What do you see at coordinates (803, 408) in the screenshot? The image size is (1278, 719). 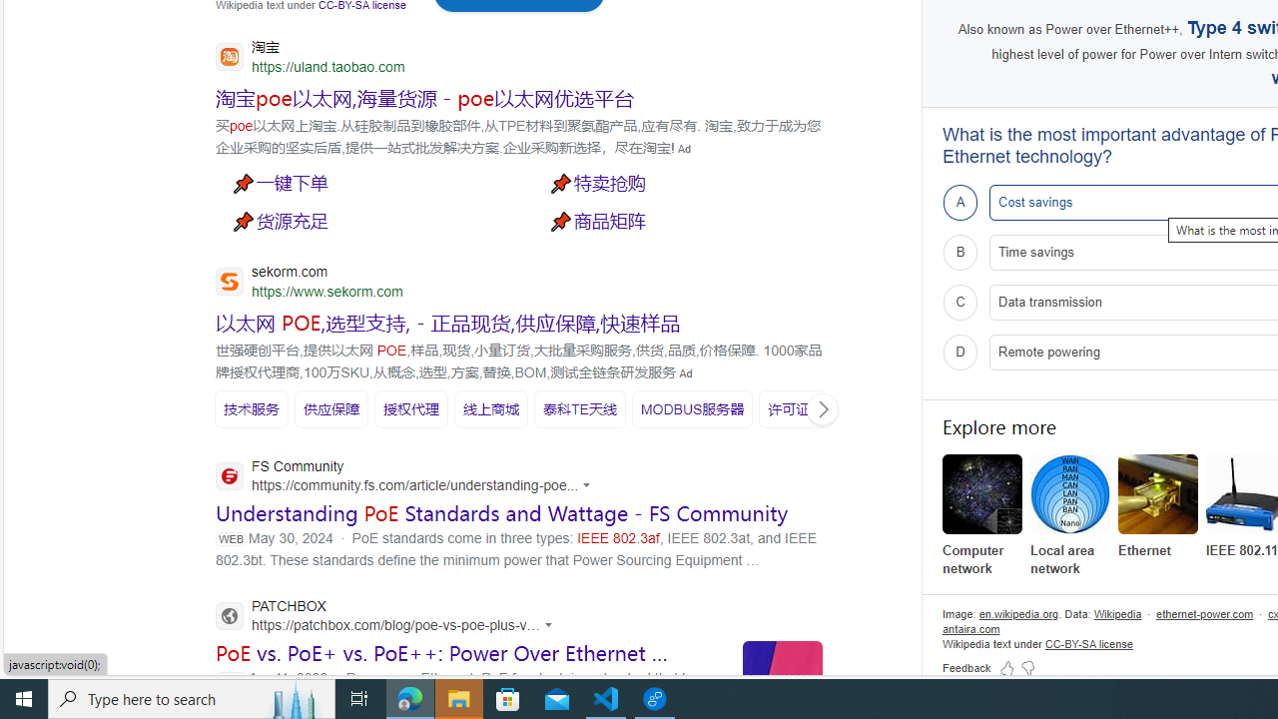 I see `'SERP,5932'` at bounding box center [803, 408].